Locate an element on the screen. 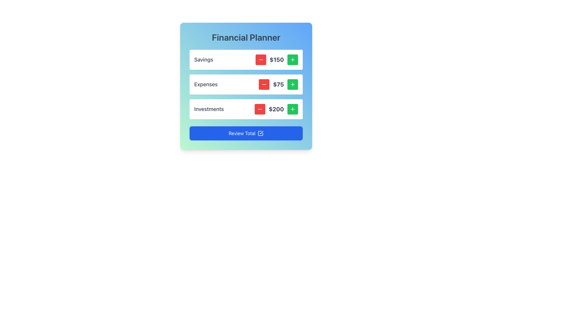 The height and width of the screenshot is (318, 566). the static text display indicating the current monetary value associated with the 'Investments' category, located in the third row of the financial planning panel is located at coordinates (276, 109).